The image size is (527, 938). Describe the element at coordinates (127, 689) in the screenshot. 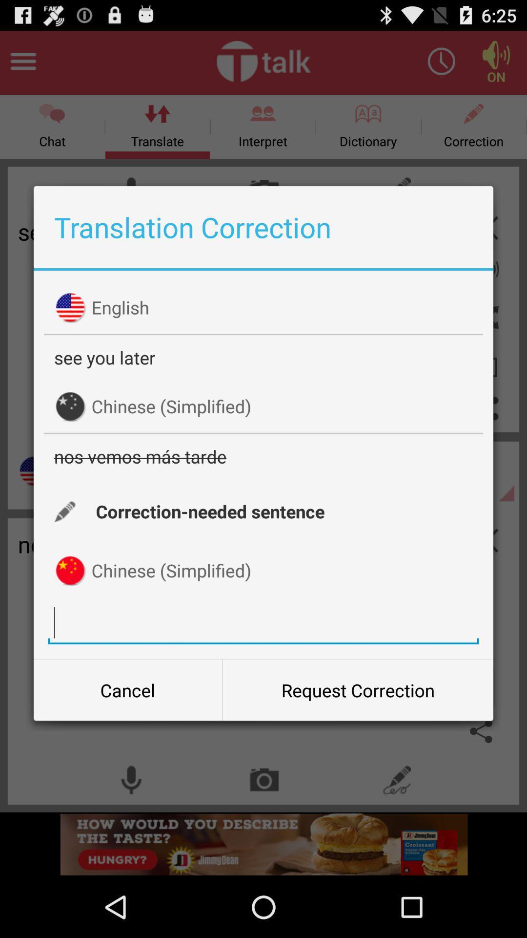

I see `icon to the left of the request correction item` at that location.